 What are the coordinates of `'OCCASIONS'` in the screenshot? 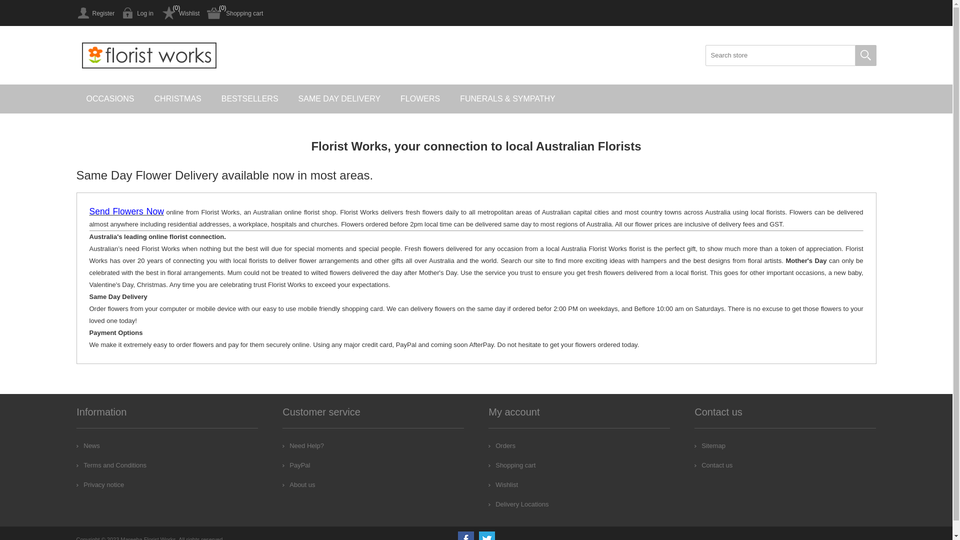 It's located at (110, 98).